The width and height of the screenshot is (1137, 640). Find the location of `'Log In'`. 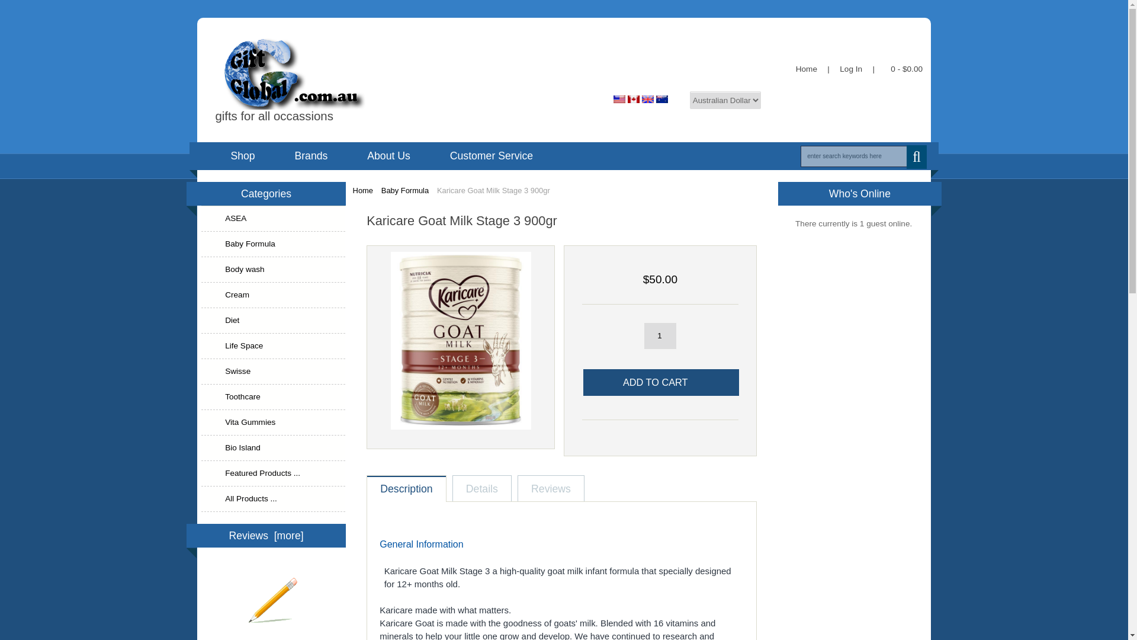

'Log In' is located at coordinates (850, 69).